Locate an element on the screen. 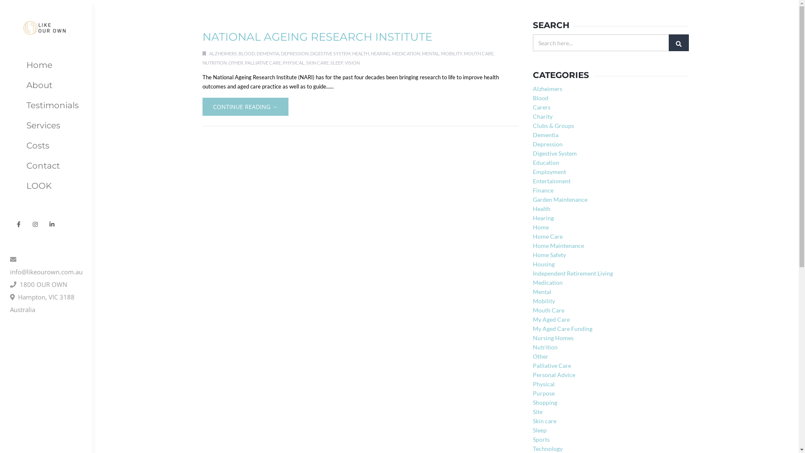 This screenshot has height=453, width=805. 'Independent Retirement Living' is located at coordinates (572, 273).